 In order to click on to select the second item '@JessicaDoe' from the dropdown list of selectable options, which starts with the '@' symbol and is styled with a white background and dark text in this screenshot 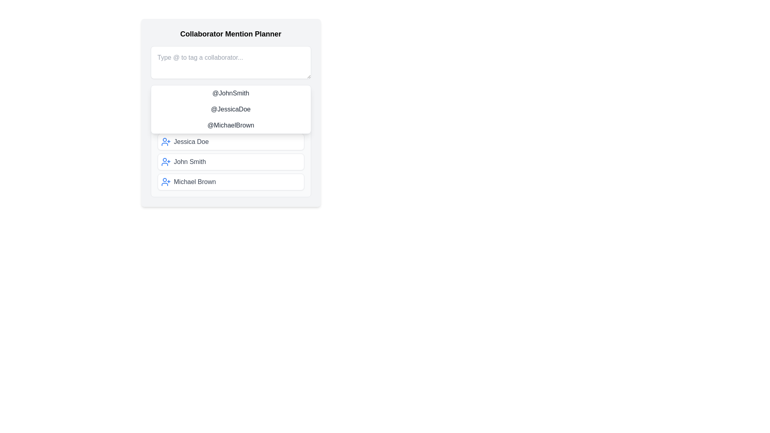, I will do `click(230, 109)`.